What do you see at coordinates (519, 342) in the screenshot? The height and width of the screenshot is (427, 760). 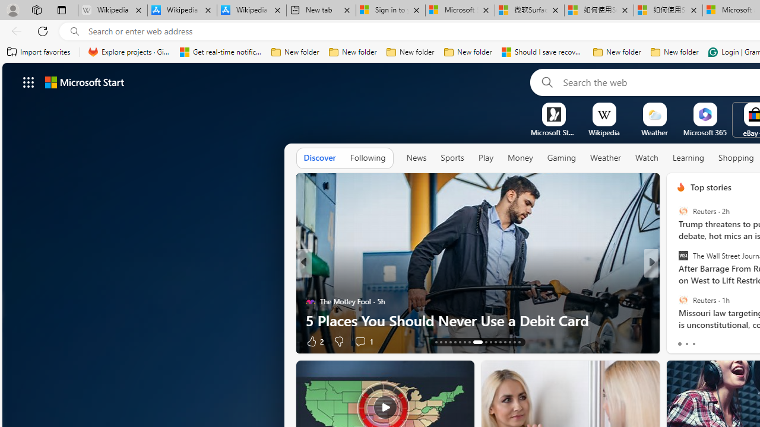 I see `'AutomationID: tab-29'` at bounding box center [519, 342].